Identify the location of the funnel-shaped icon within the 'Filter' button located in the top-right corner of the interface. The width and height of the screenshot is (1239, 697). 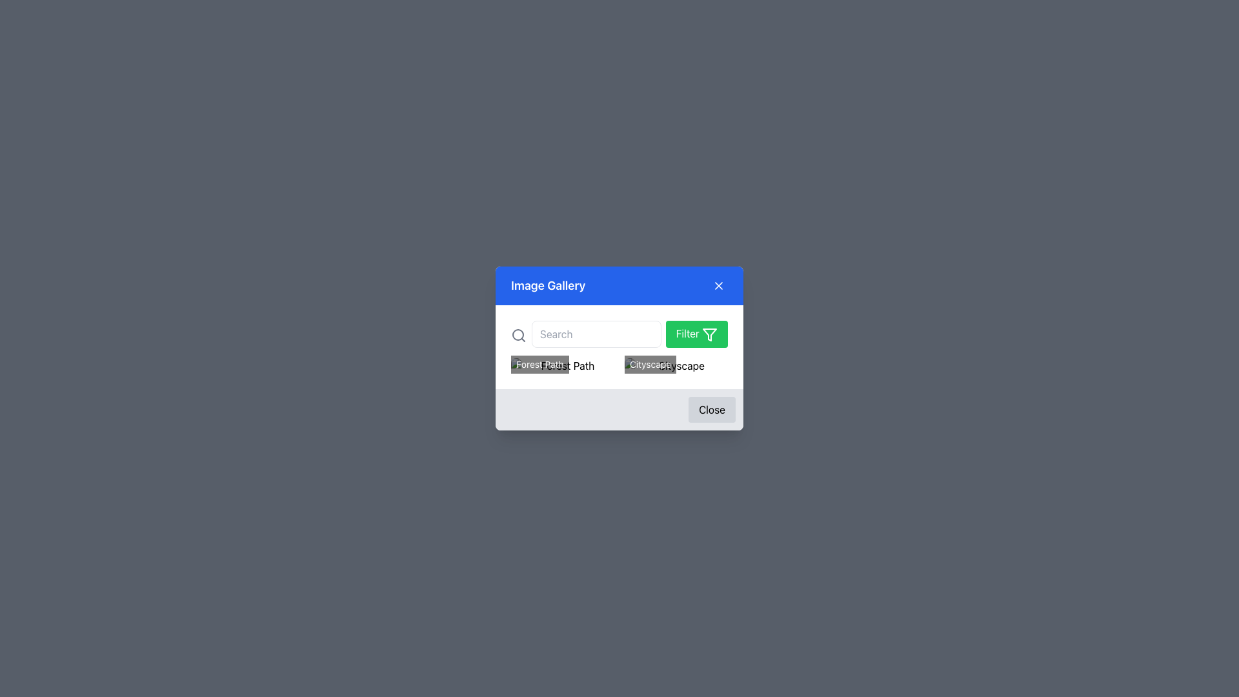
(709, 333).